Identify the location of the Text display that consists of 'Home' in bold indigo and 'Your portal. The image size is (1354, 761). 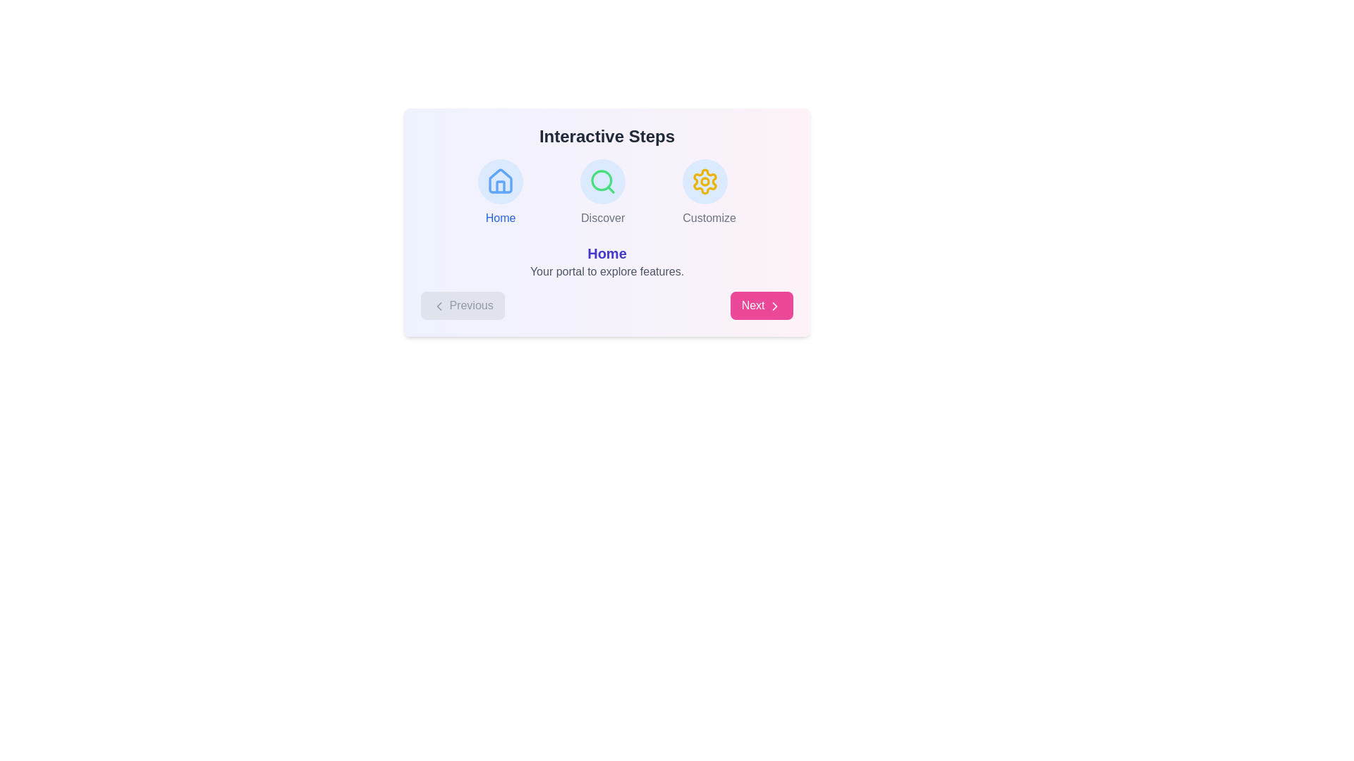
(606, 261).